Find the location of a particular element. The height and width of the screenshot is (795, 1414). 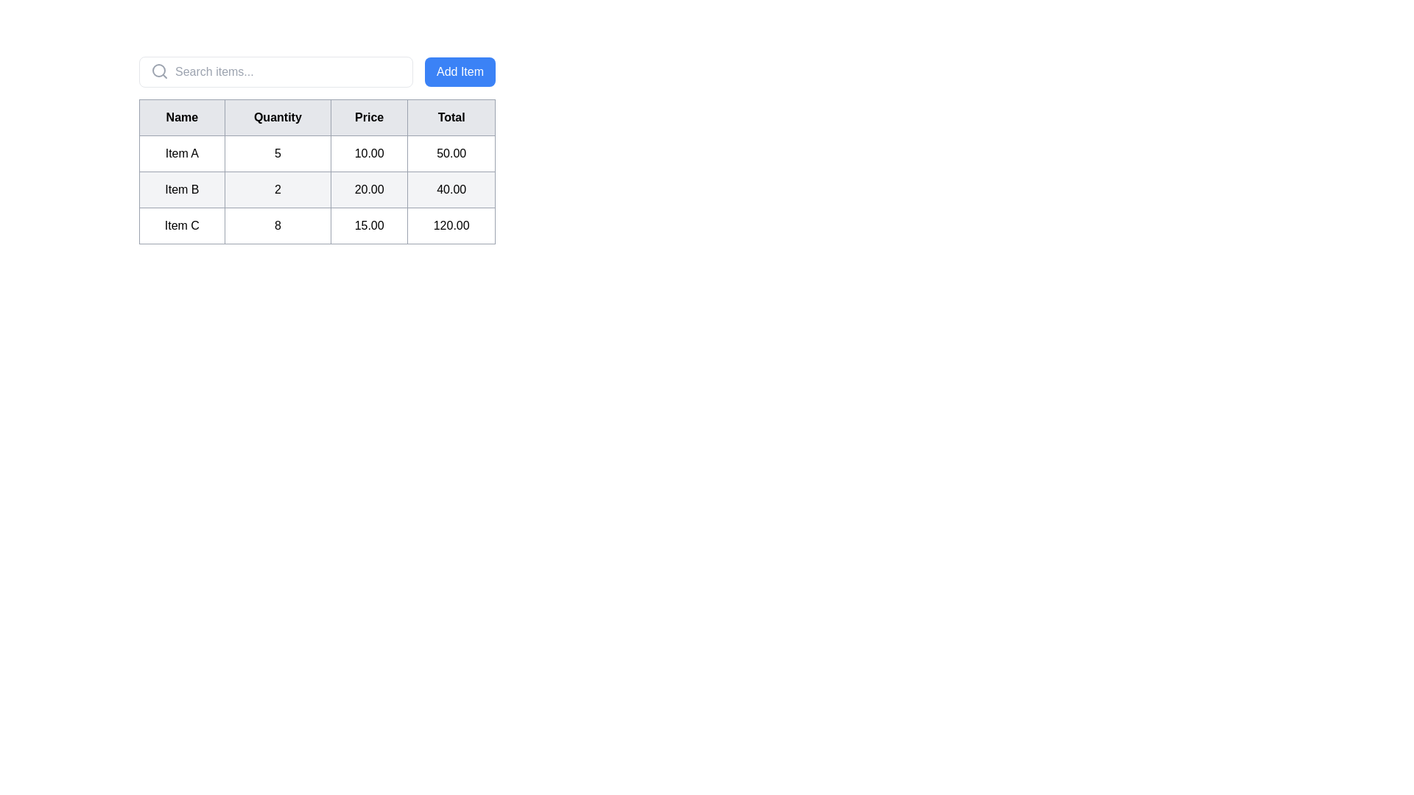

the first row of the table containing cells labeled 'Item A', '5', '10.00', and '50.00' is located at coordinates (317, 153).